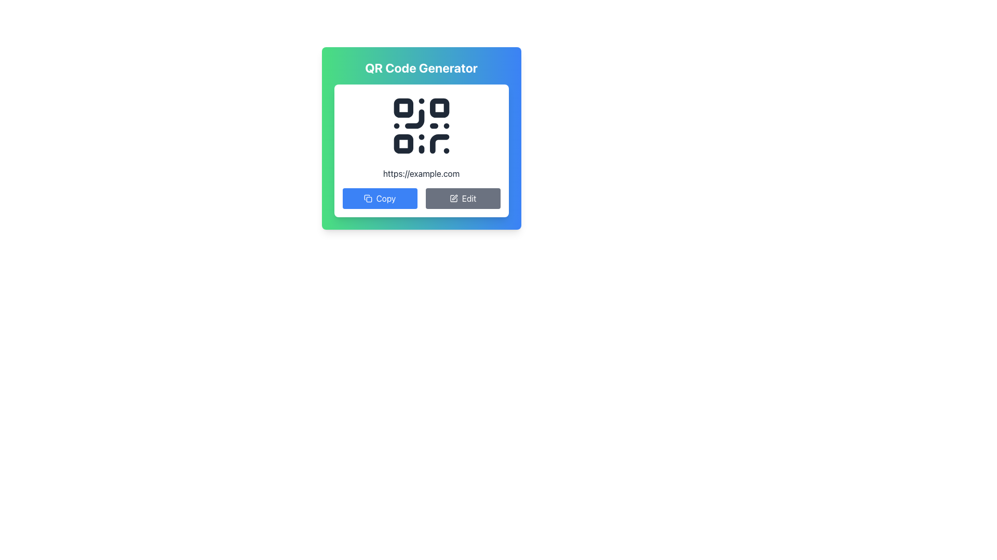 The width and height of the screenshot is (997, 560). What do you see at coordinates (402, 144) in the screenshot?
I see `the small square-shaped block located in the lower-left section of the QR code graphic, which is part of the structured grid layout` at bounding box center [402, 144].